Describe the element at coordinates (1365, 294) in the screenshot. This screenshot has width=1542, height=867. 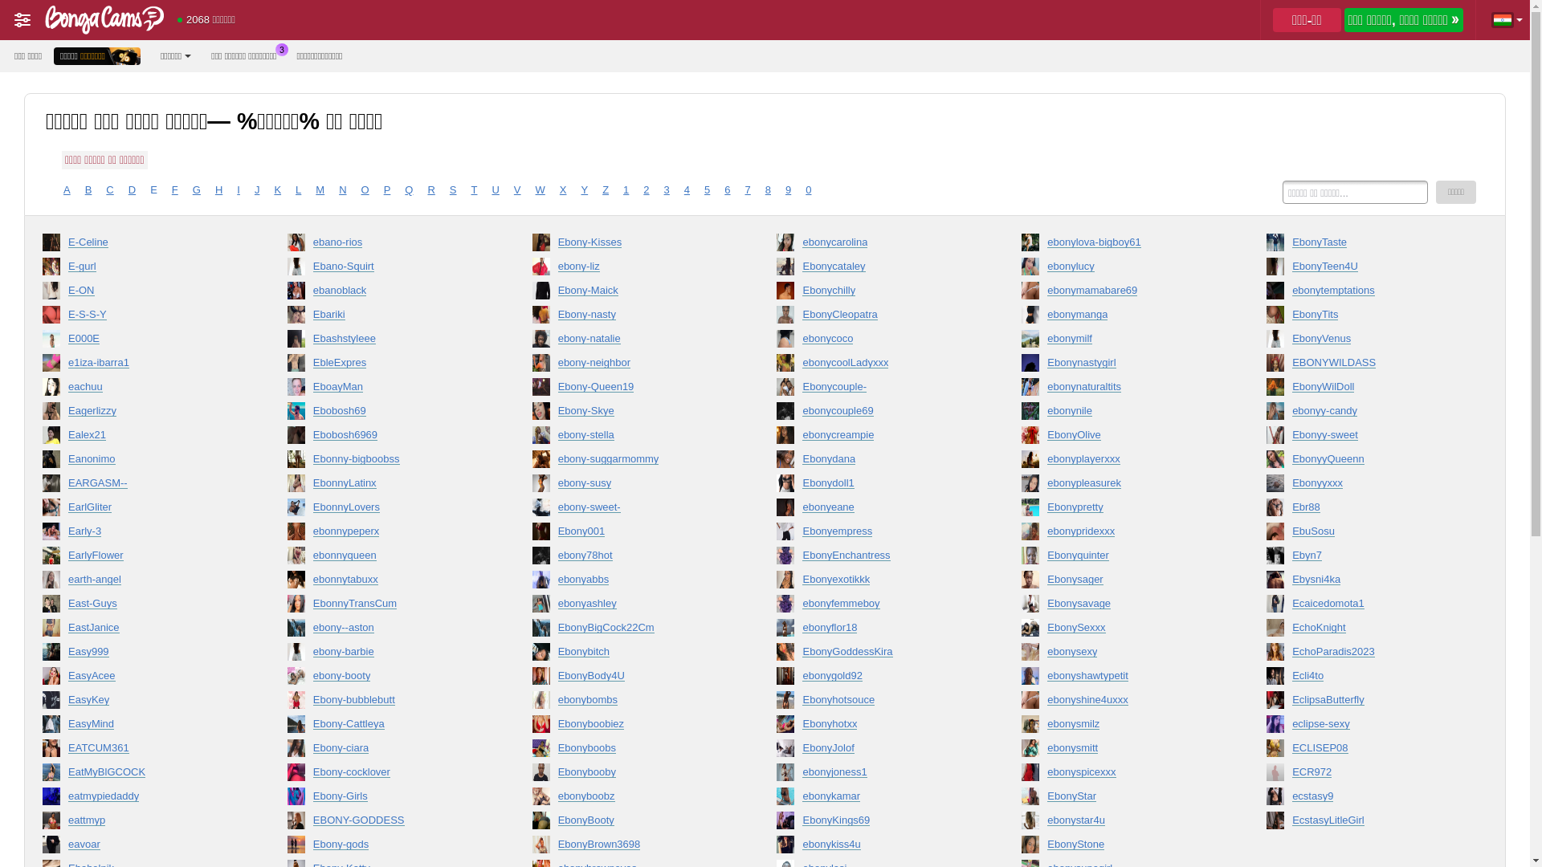
I see `'ebonytemptations'` at that location.